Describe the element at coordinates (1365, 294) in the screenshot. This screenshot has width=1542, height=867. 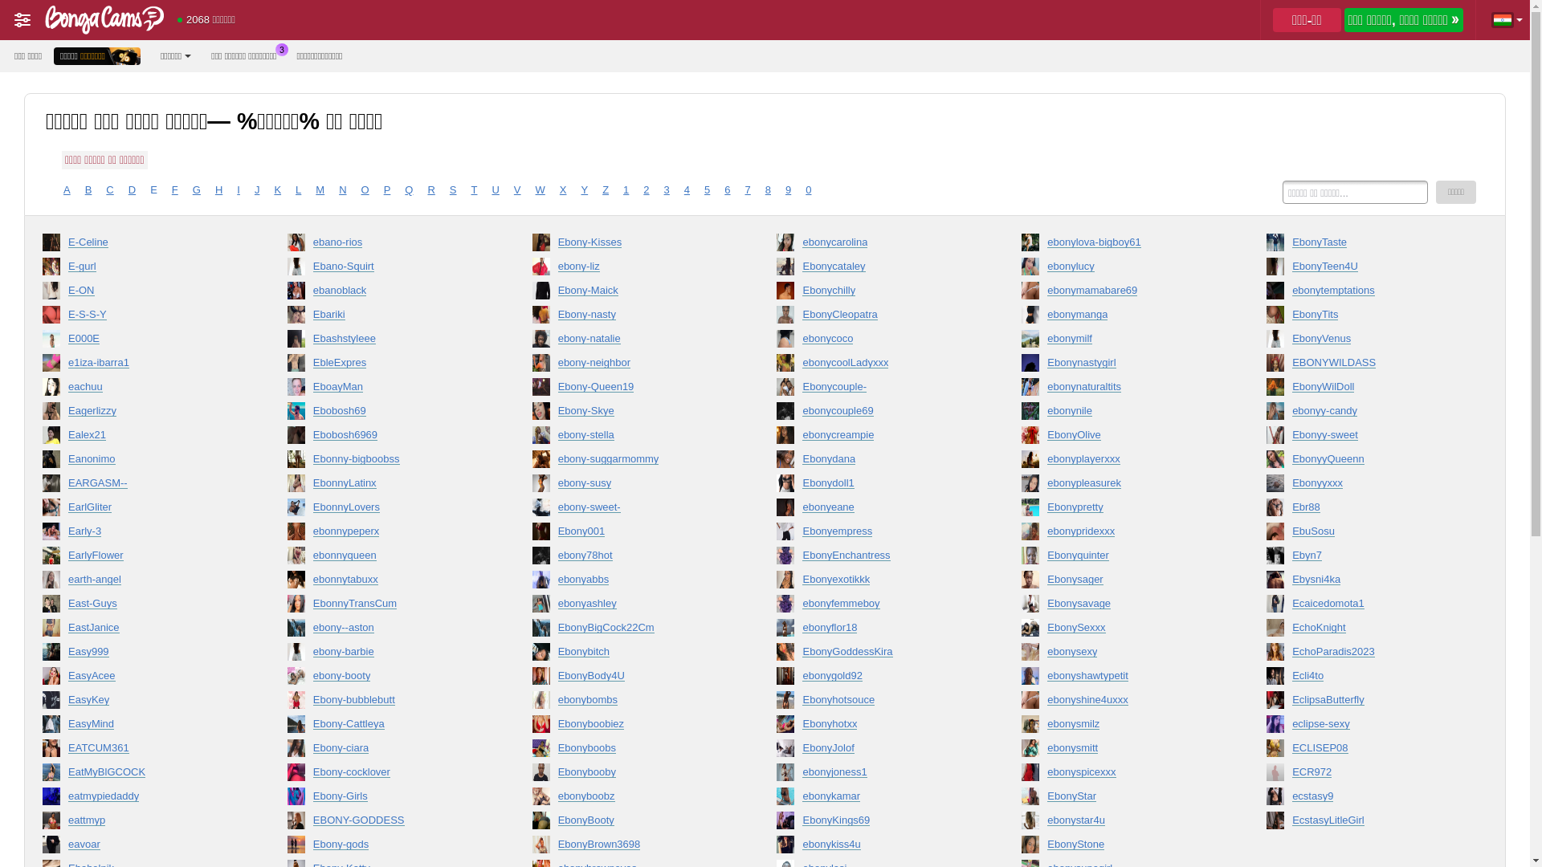
I see `'ebonytemptations'` at that location.